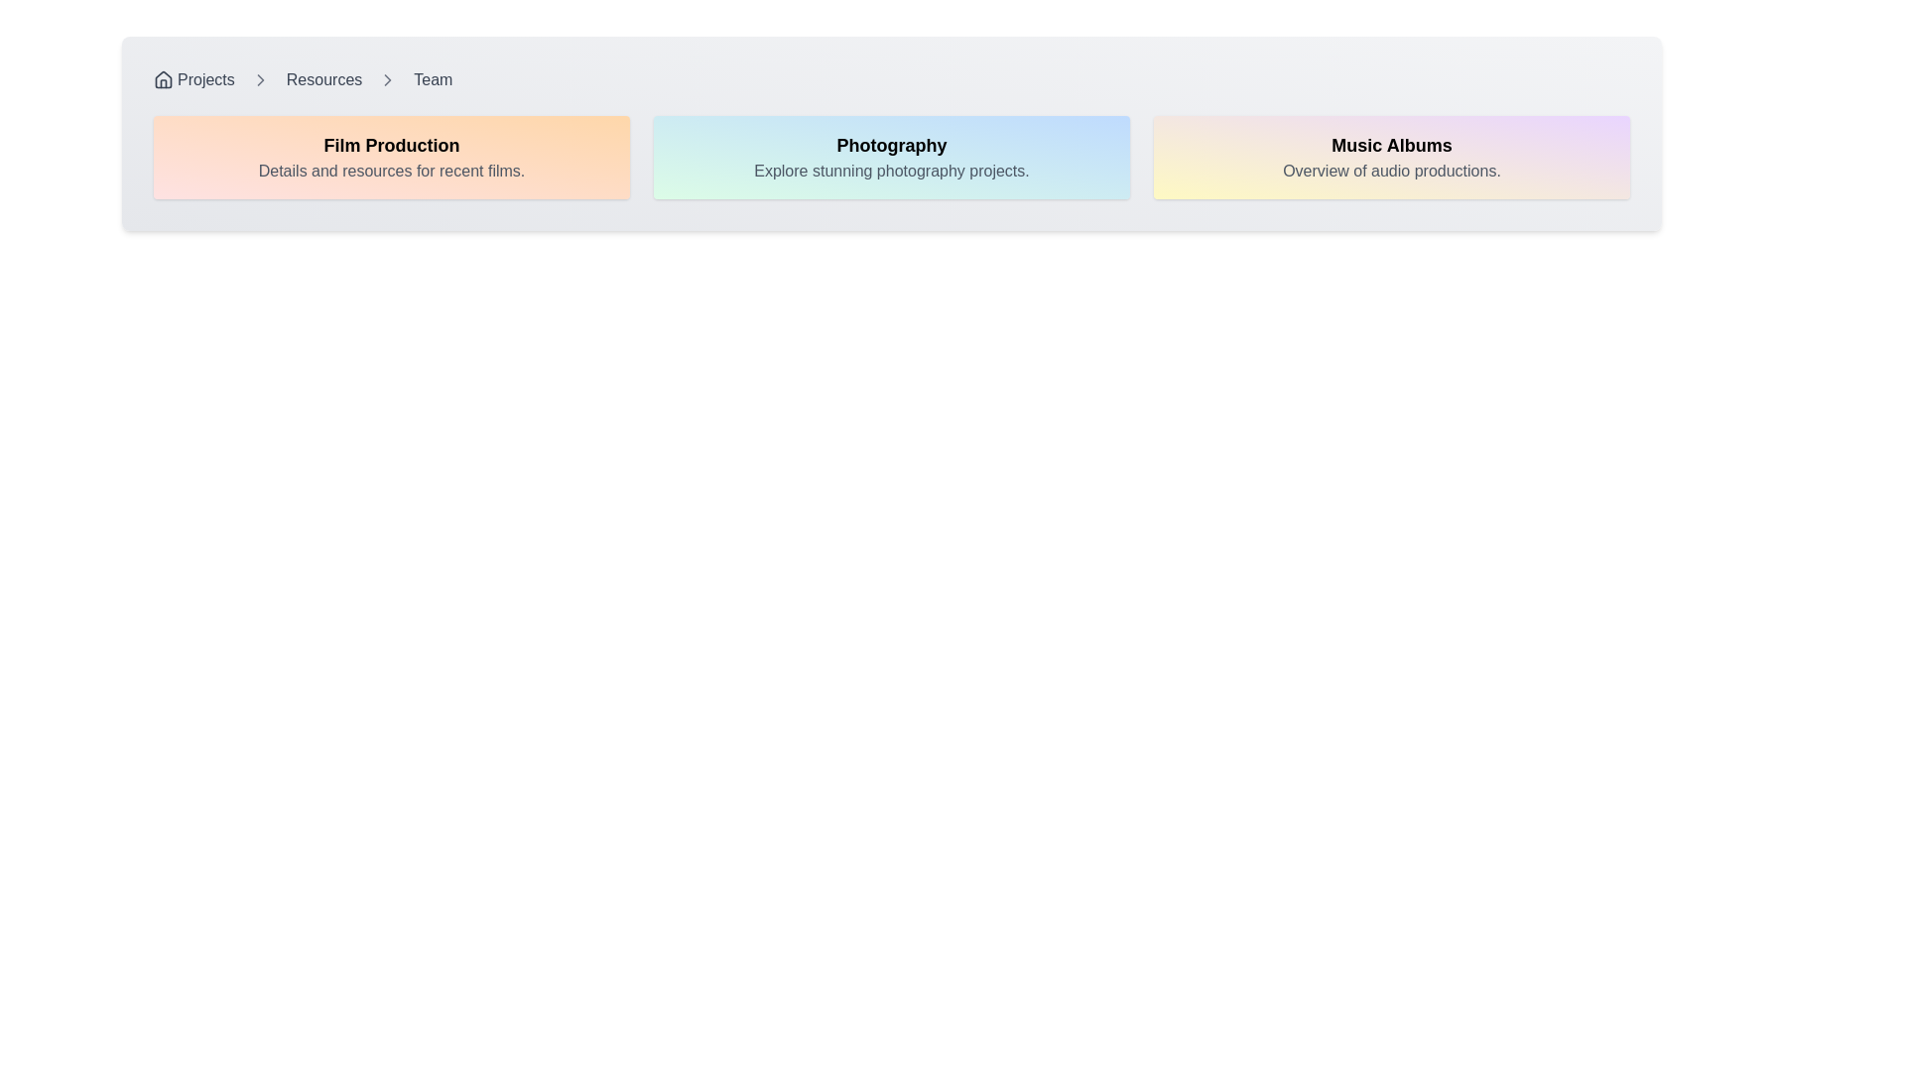 This screenshot has width=1905, height=1071. What do you see at coordinates (205, 79) in the screenshot?
I see `the 'Projects' breadcrumb navigation item` at bounding box center [205, 79].